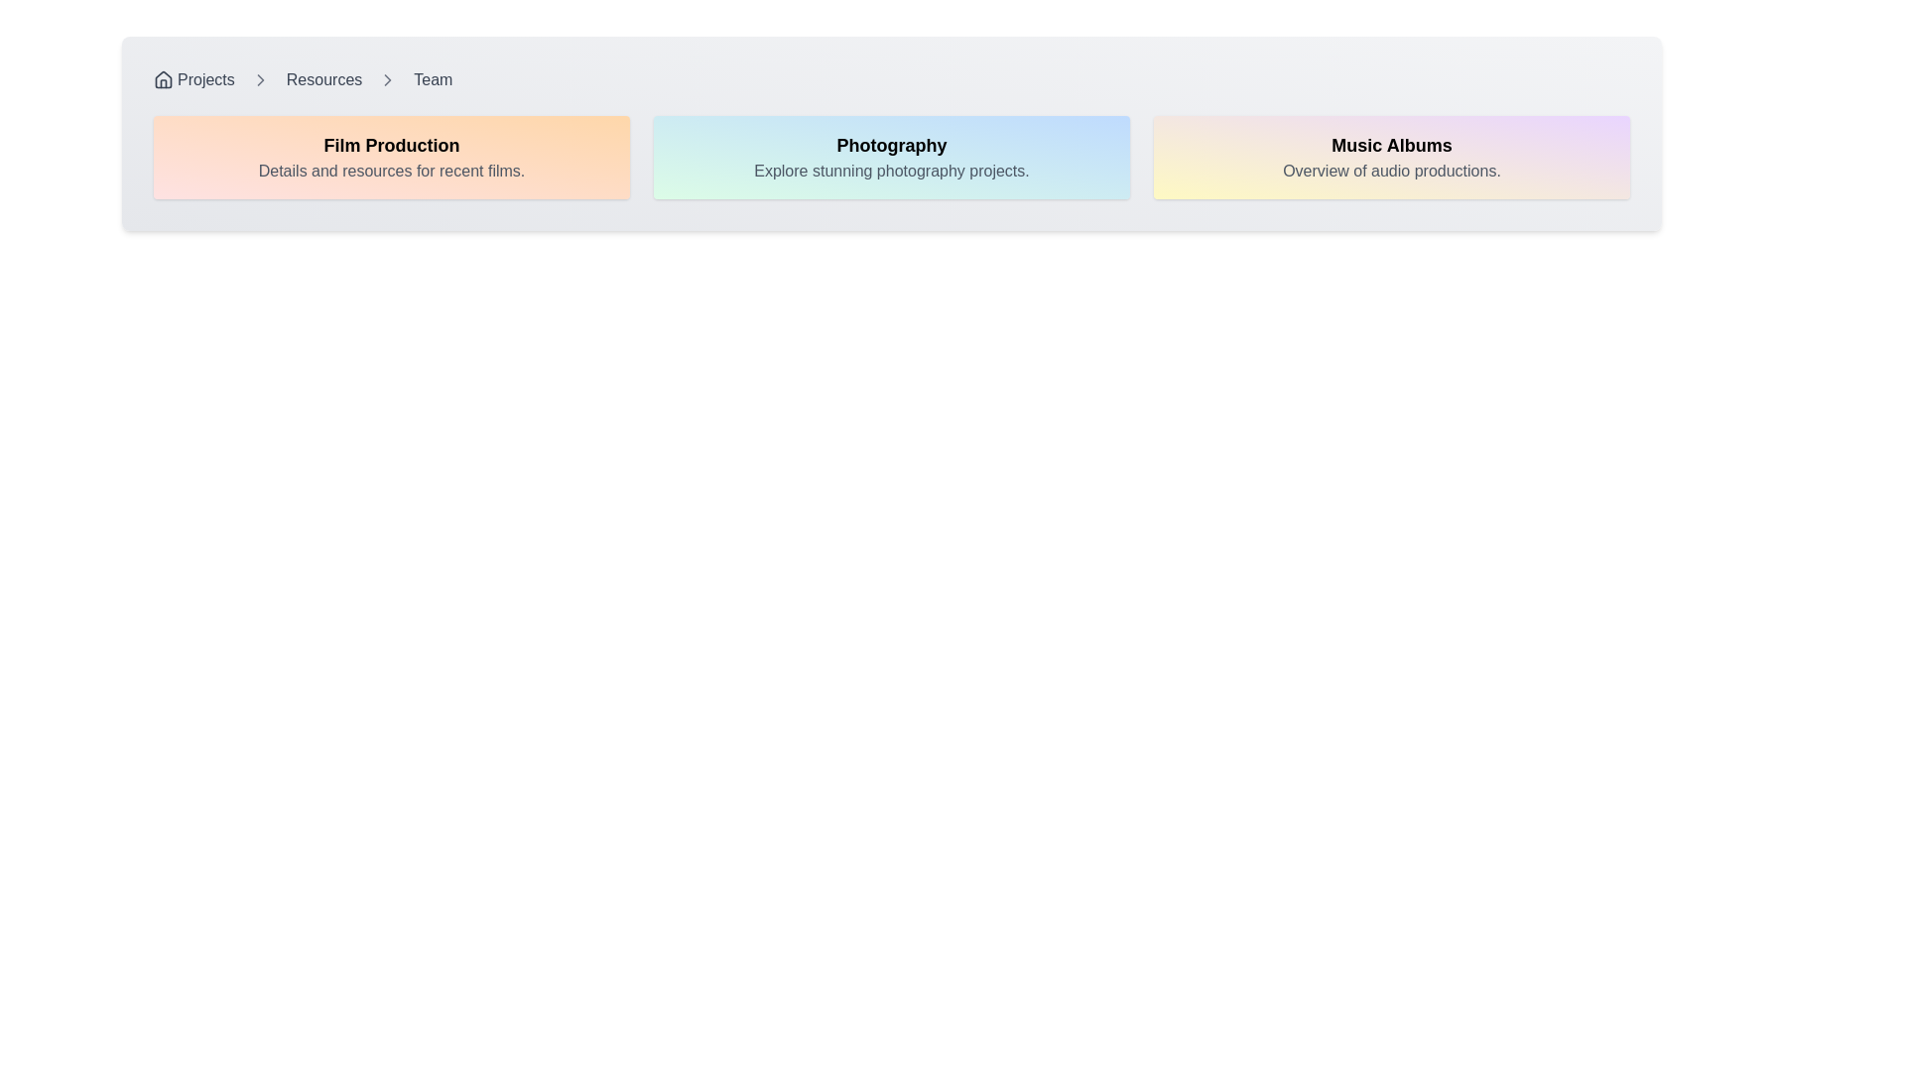 This screenshot has width=1905, height=1071. What do you see at coordinates (205, 79) in the screenshot?
I see `the 'Projects' breadcrumb navigation item` at bounding box center [205, 79].